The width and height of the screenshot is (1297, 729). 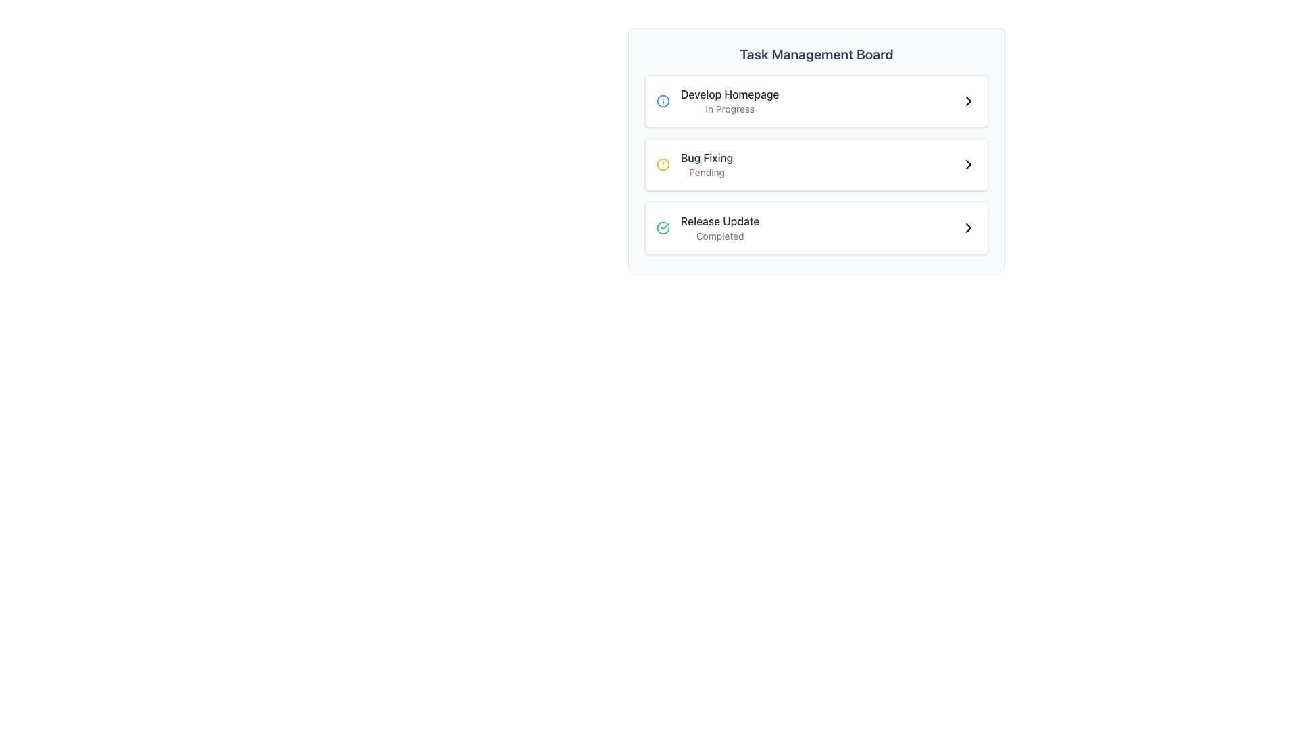 What do you see at coordinates (663, 163) in the screenshot?
I see `the SVG Circle Component that signifies a warning for the 'Bug Fixing' task in the Task Management Board` at bounding box center [663, 163].